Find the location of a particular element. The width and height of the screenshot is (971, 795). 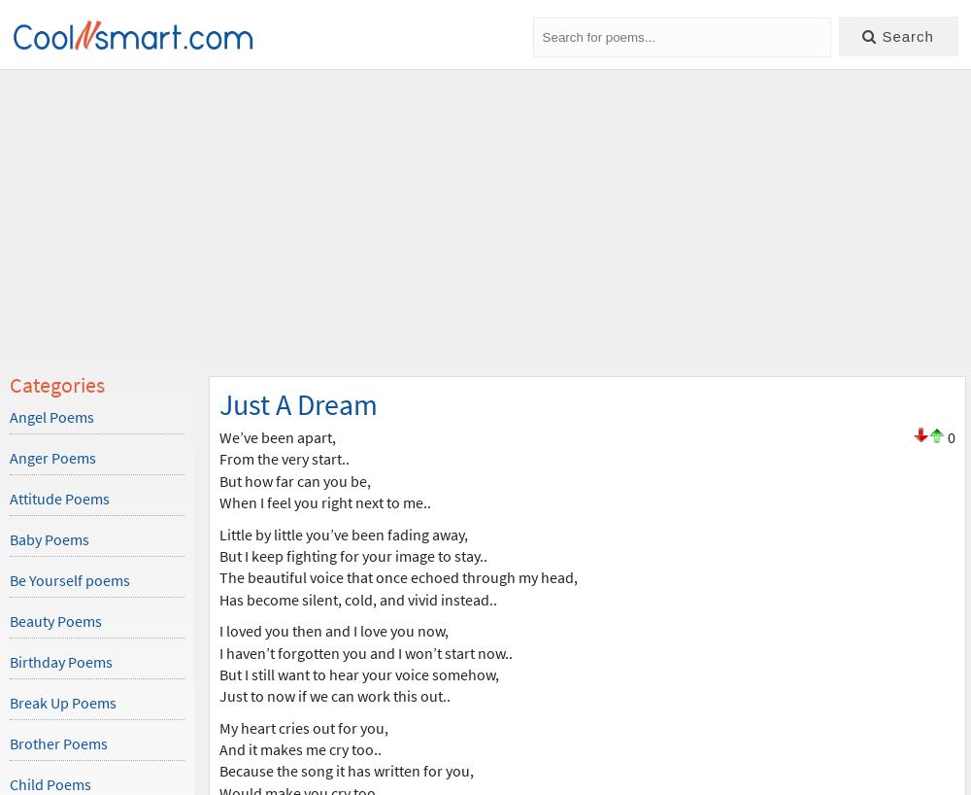

'But I still want to hear your voice somehow,' is located at coordinates (358, 673).